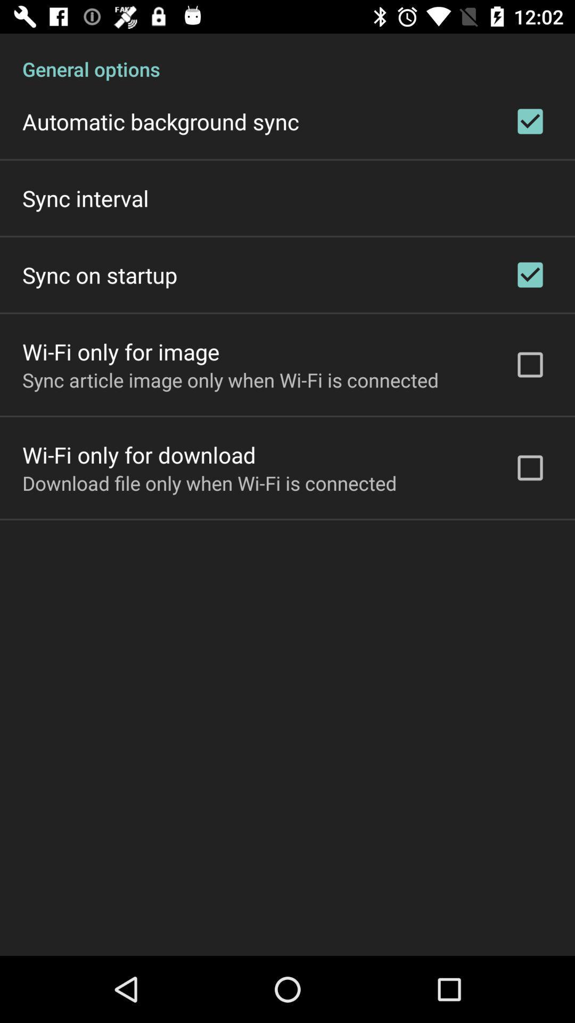  I want to click on icon below the automatic background sync icon, so click(85, 198).